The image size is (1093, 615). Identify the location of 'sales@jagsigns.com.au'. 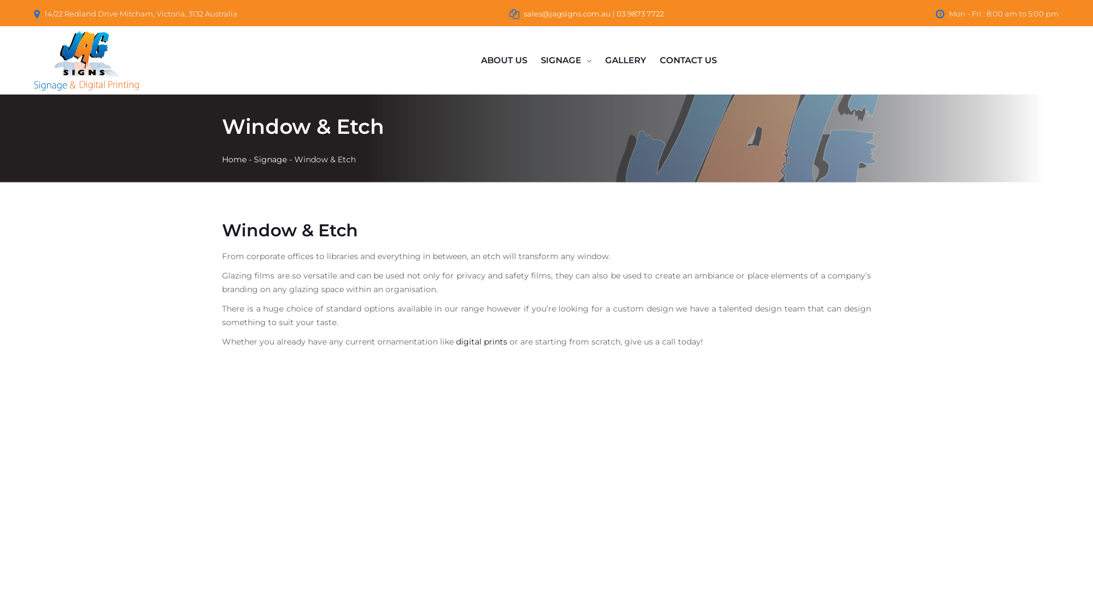
(567, 13).